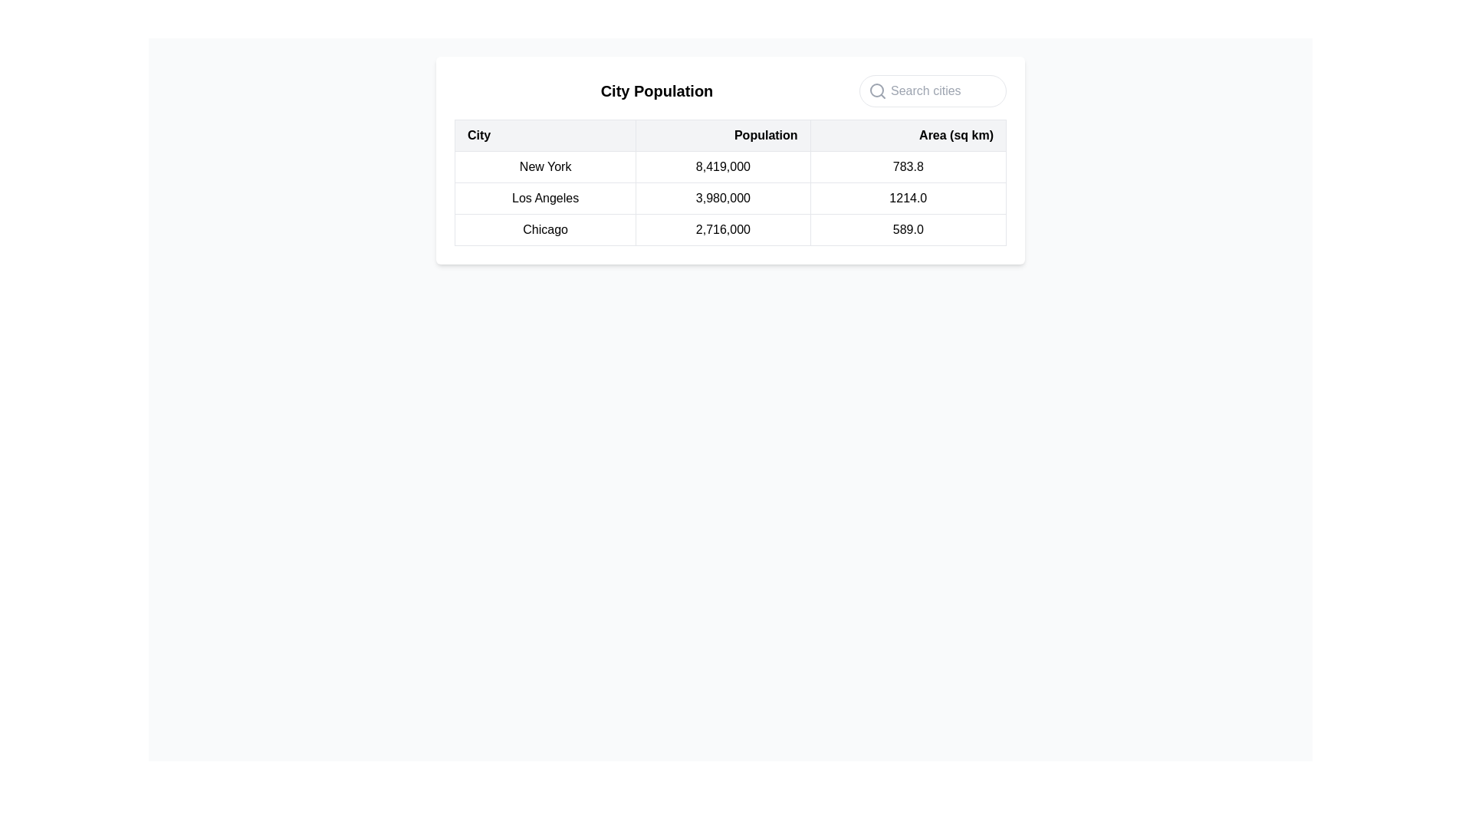 Image resolution: width=1472 pixels, height=828 pixels. What do you see at coordinates (730, 230) in the screenshot?
I see `the third row of the data table displaying city statistics for Chicago, which includes its name, population, and area size` at bounding box center [730, 230].